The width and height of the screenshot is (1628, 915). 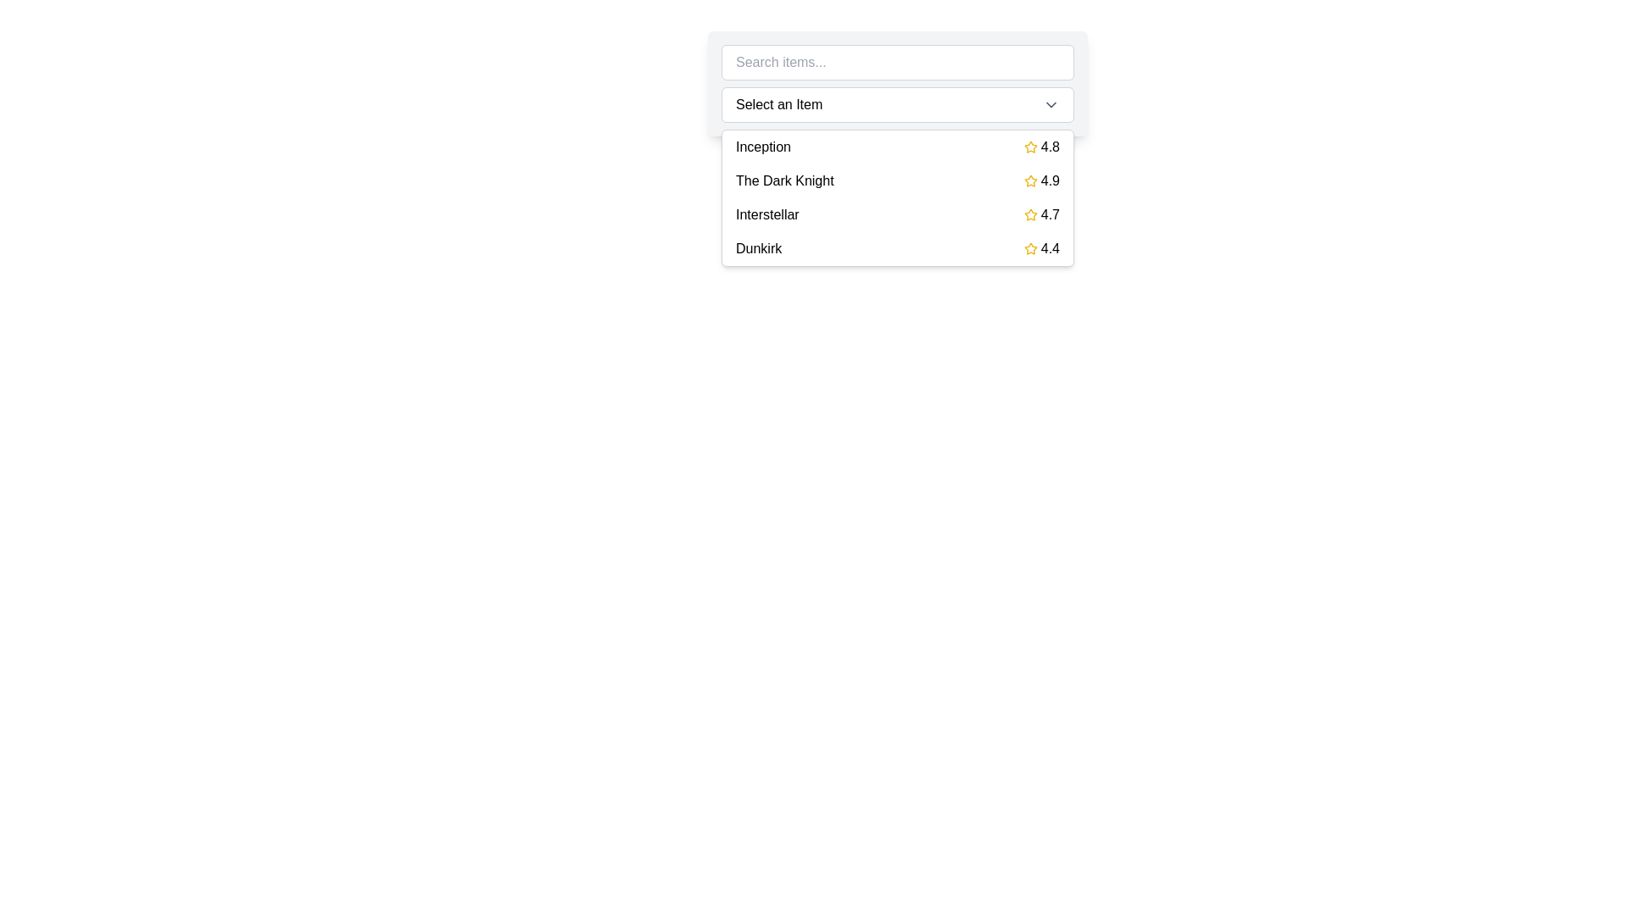 I want to click on the rating value associated with the yellow star-shaped rating icon next to the text '4.4' in the fourth row of the list item 'Dunkirk', so click(x=1029, y=248).